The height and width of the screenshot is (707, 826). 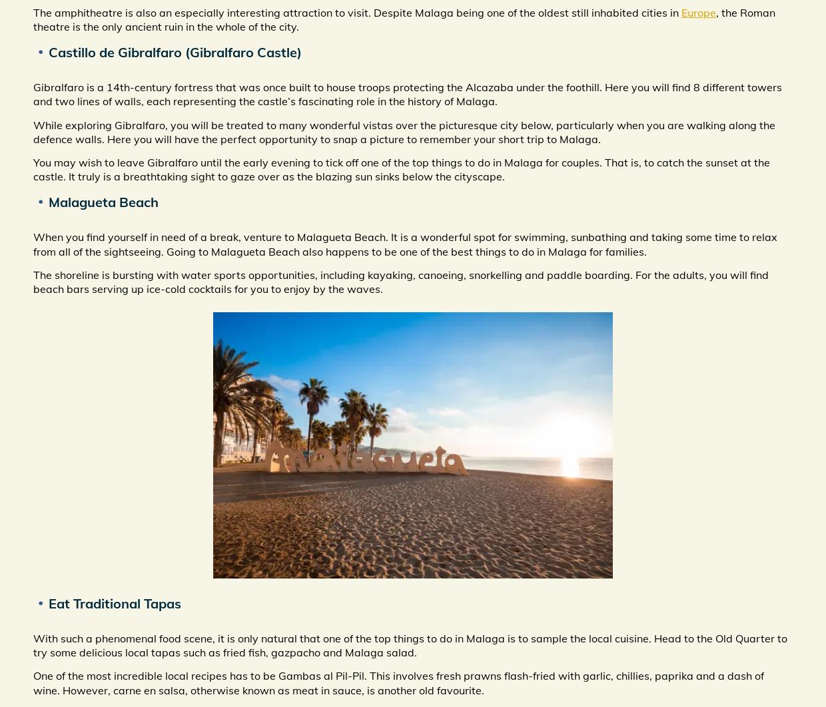 I want to click on 'Castillo de Gibralfaro (Gibralfaro Castle)', so click(x=175, y=52).